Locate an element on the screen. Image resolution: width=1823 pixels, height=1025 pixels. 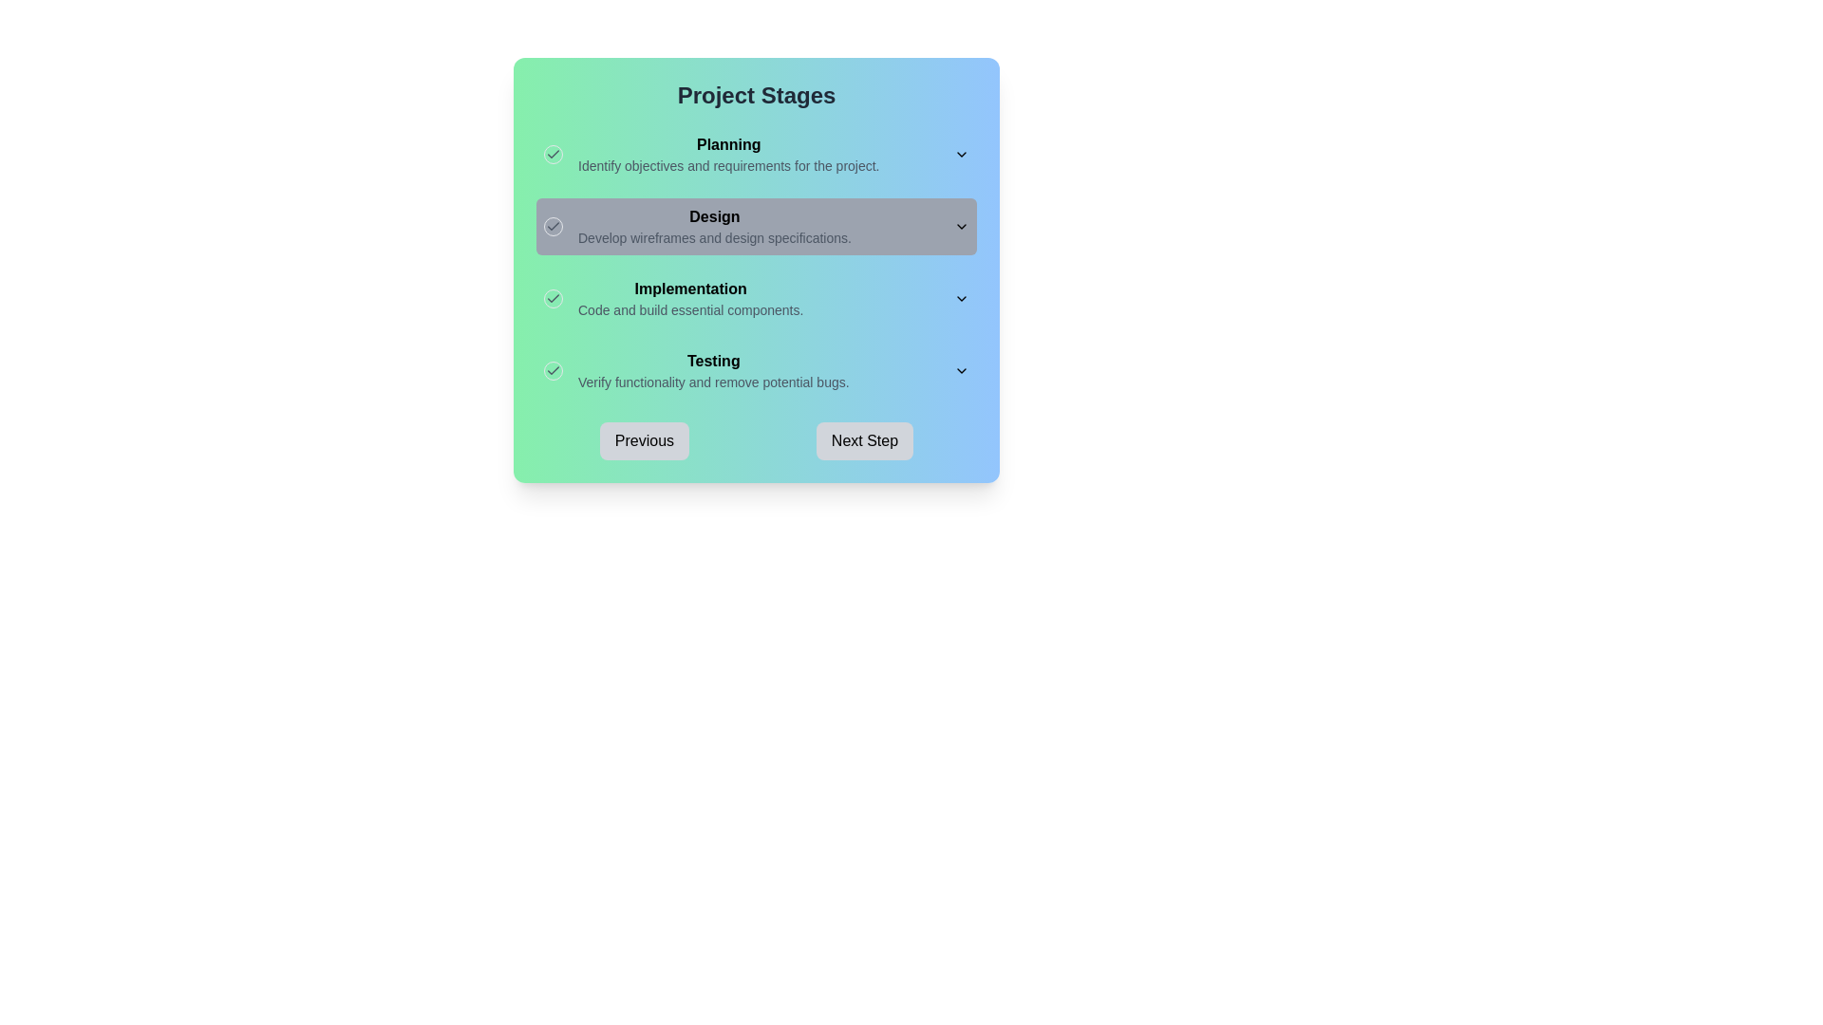
the 'Next Step' button located at the bottom right of the dialog to advance to the next stage is located at coordinates (864, 441).